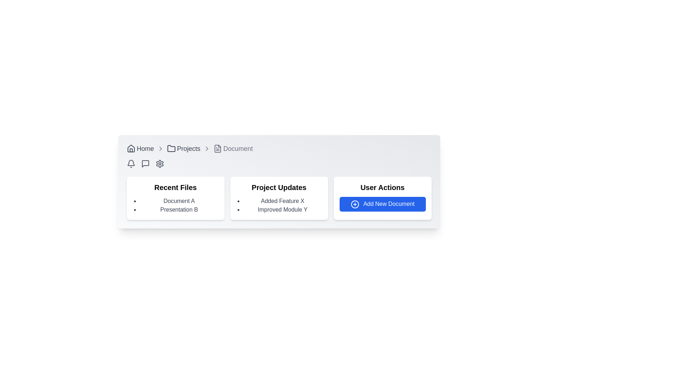  Describe the element at coordinates (140, 148) in the screenshot. I see `the 'Home' navigation link with house icon located in the top-left section of the breadcrumb navigation bar` at that location.